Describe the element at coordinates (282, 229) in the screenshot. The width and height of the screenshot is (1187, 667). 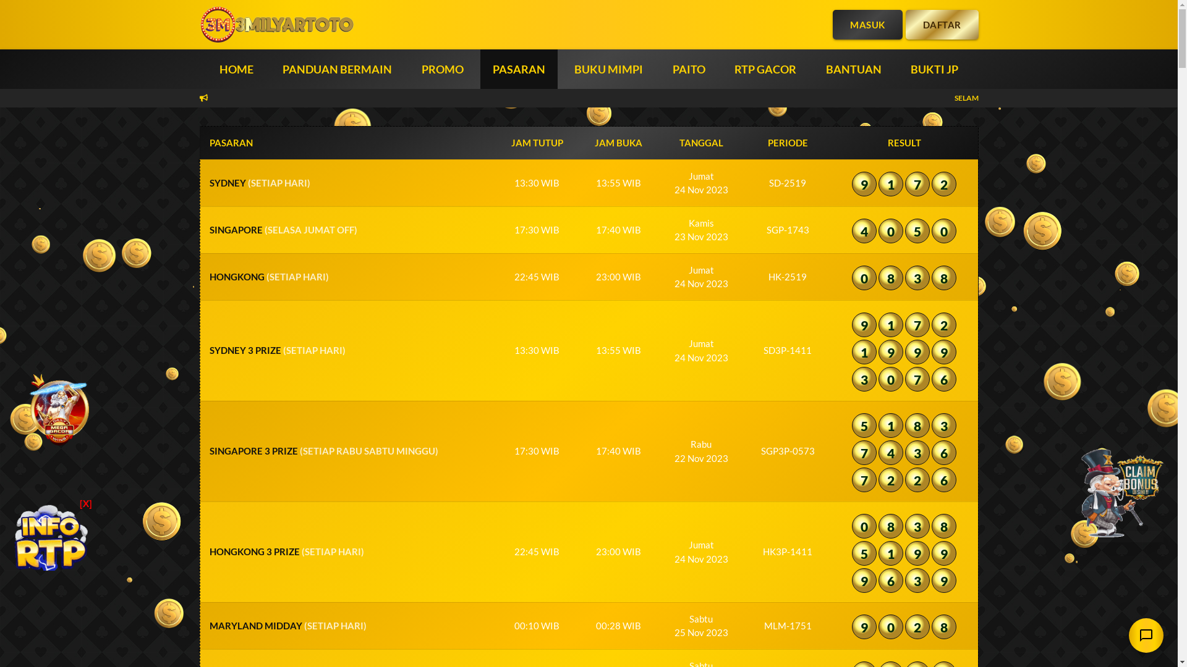
I see `'SINGAPORE (SELASA JUMAT OFF)'` at that location.